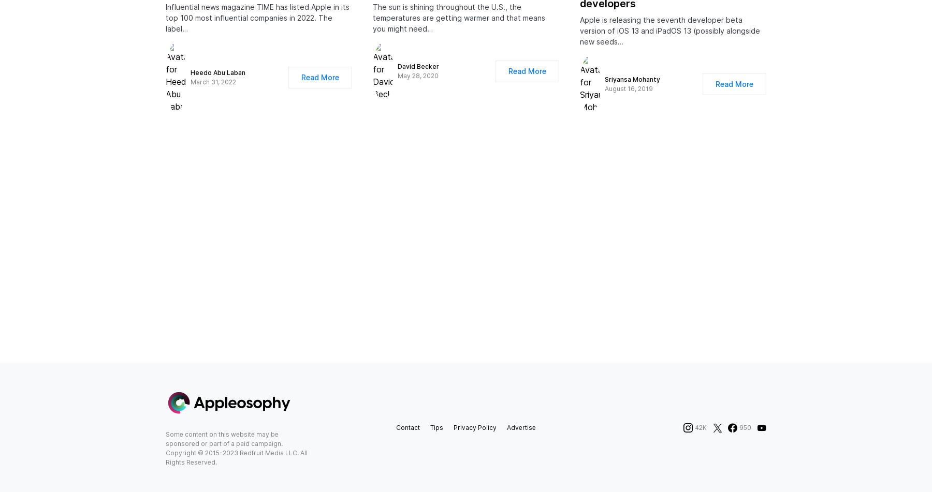  Describe the element at coordinates (165, 458) in the screenshot. I see `'Some content on this website may be sponsored or part of a paid campaign. Copyright © 2015-2023 Redfruit Media LLC. All Rights Reserved.'` at that location.